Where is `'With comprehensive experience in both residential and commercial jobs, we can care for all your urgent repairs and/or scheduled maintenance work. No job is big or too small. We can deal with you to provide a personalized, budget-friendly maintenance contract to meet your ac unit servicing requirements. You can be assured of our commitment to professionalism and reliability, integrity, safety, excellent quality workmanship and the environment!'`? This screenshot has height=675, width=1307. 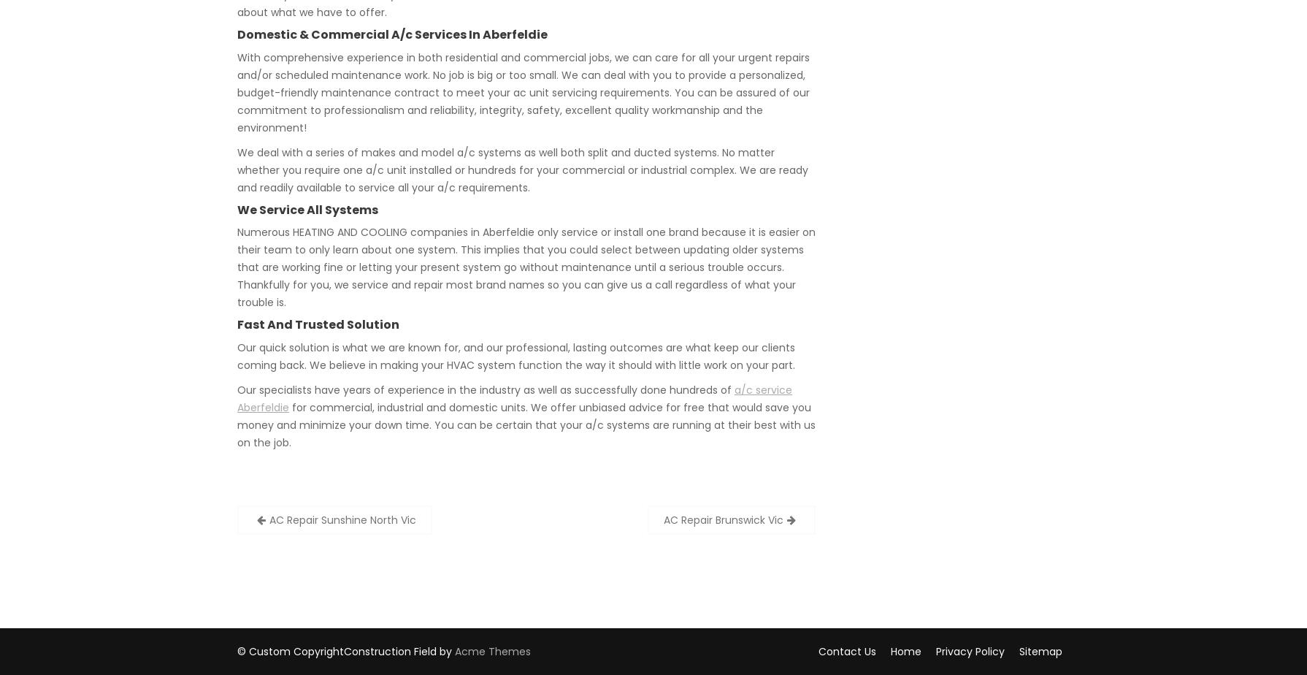 'With comprehensive experience in both residential and commercial jobs, we can care for all your urgent repairs and/or scheduled maintenance work. No job is big or too small. We can deal with you to provide a personalized, budget-friendly maintenance contract to meet your ac unit servicing requirements. You can be assured of our commitment to professionalism and reliability, integrity, safety, excellent quality workmanship and the environment!' is located at coordinates (523, 91).